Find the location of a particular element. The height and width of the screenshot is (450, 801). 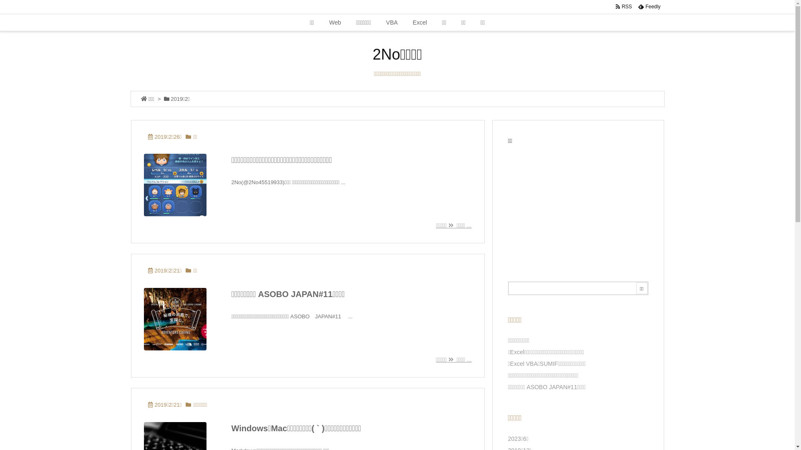

'Advertisement' is located at coordinates (578, 204).